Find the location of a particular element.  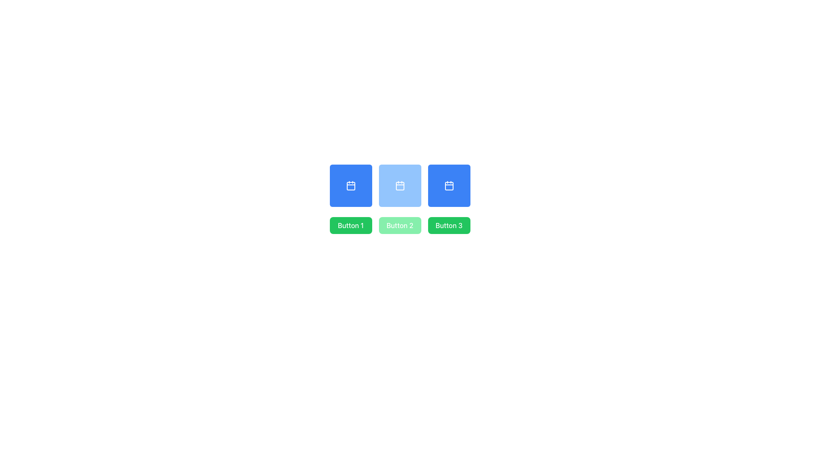

properties of the central rectangular icon styled as an empty rectangle with rounded corners, located within the leftmost calendar card is located at coordinates (351, 185).